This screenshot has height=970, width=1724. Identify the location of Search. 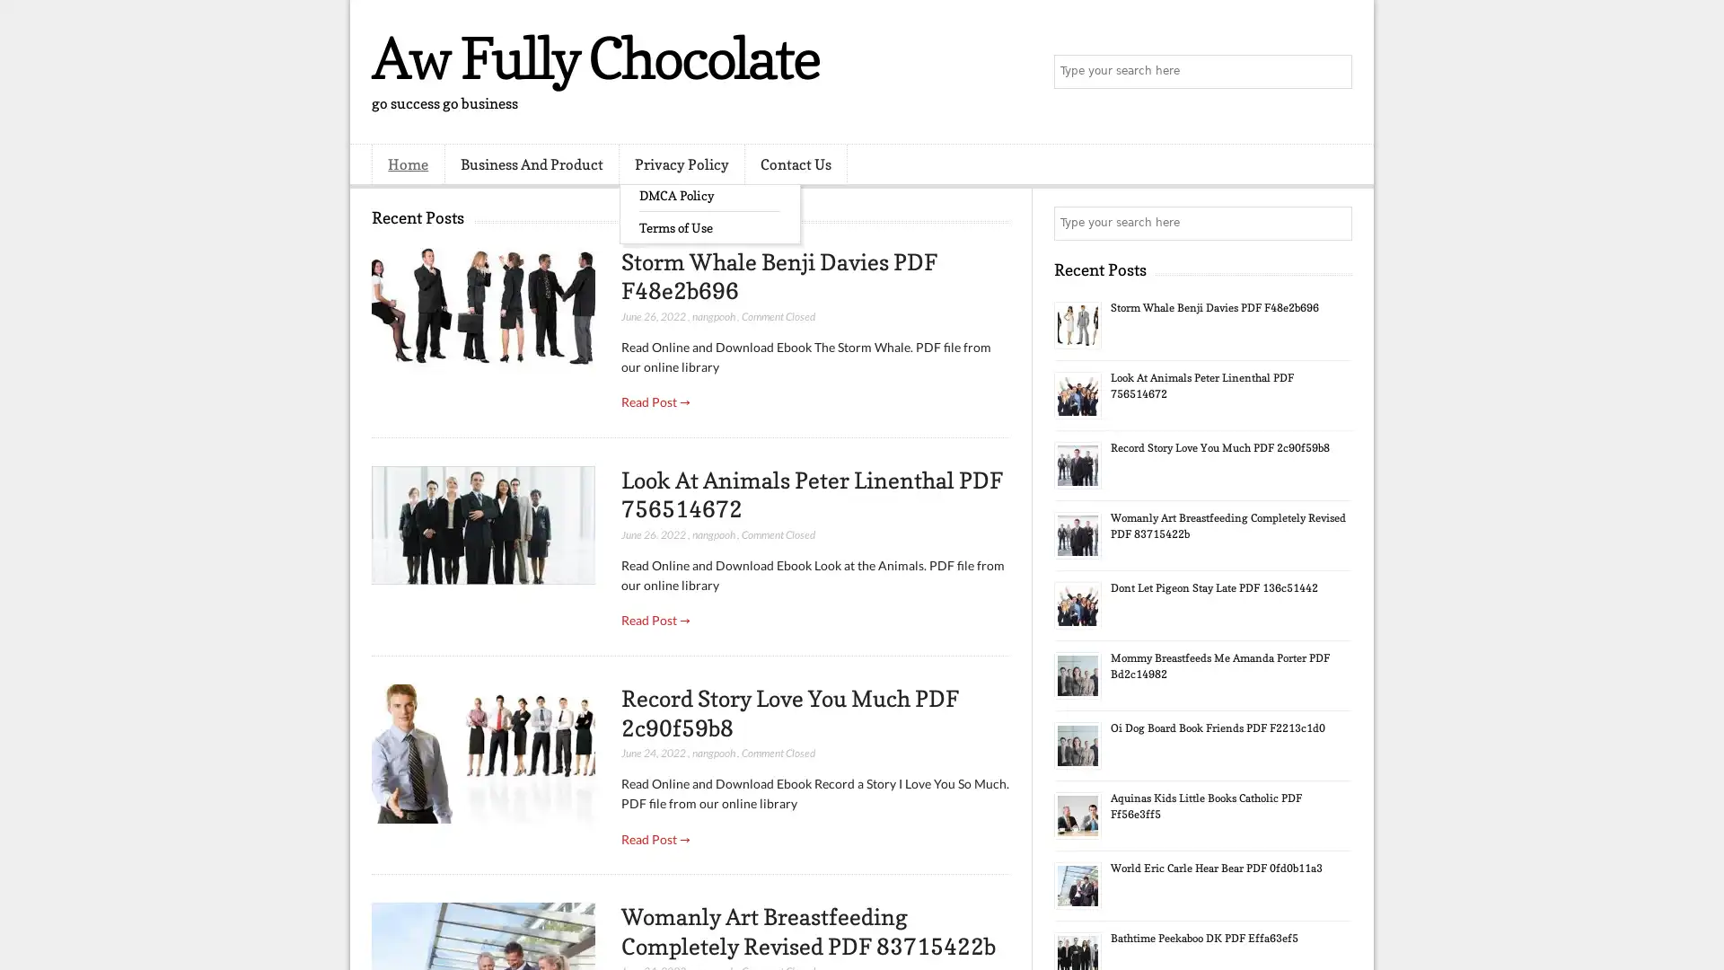
(1333, 223).